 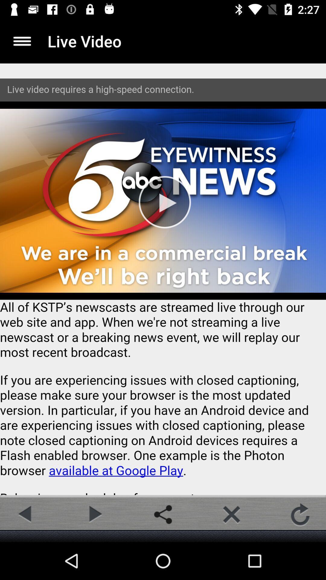 I want to click on share button, so click(x=163, y=514).